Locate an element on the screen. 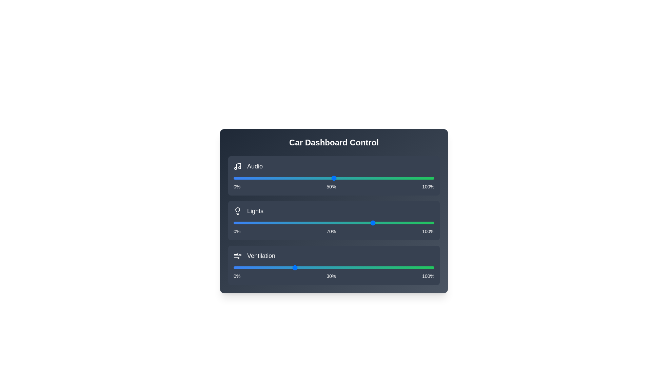  the ventilation slider to 94% is located at coordinates (422, 267).